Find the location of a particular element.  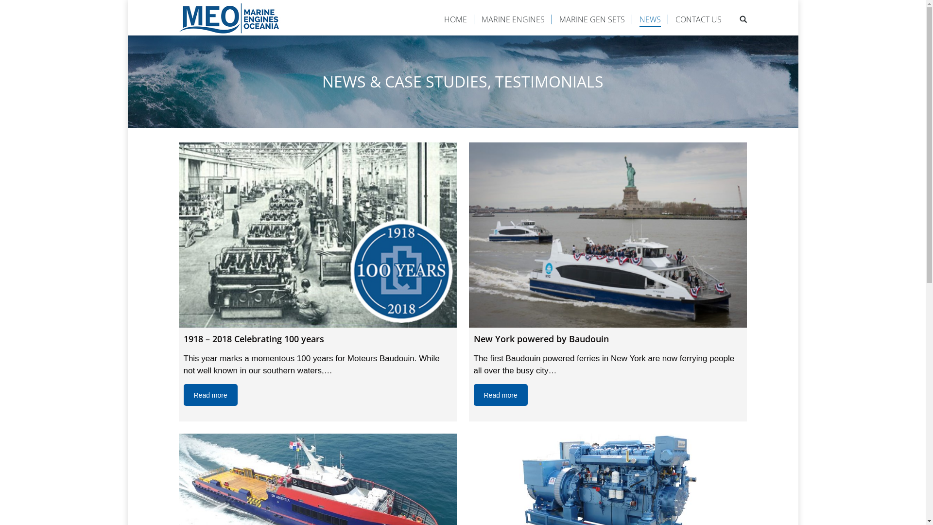

'MARINE ENGINES' is located at coordinates (512, 19).